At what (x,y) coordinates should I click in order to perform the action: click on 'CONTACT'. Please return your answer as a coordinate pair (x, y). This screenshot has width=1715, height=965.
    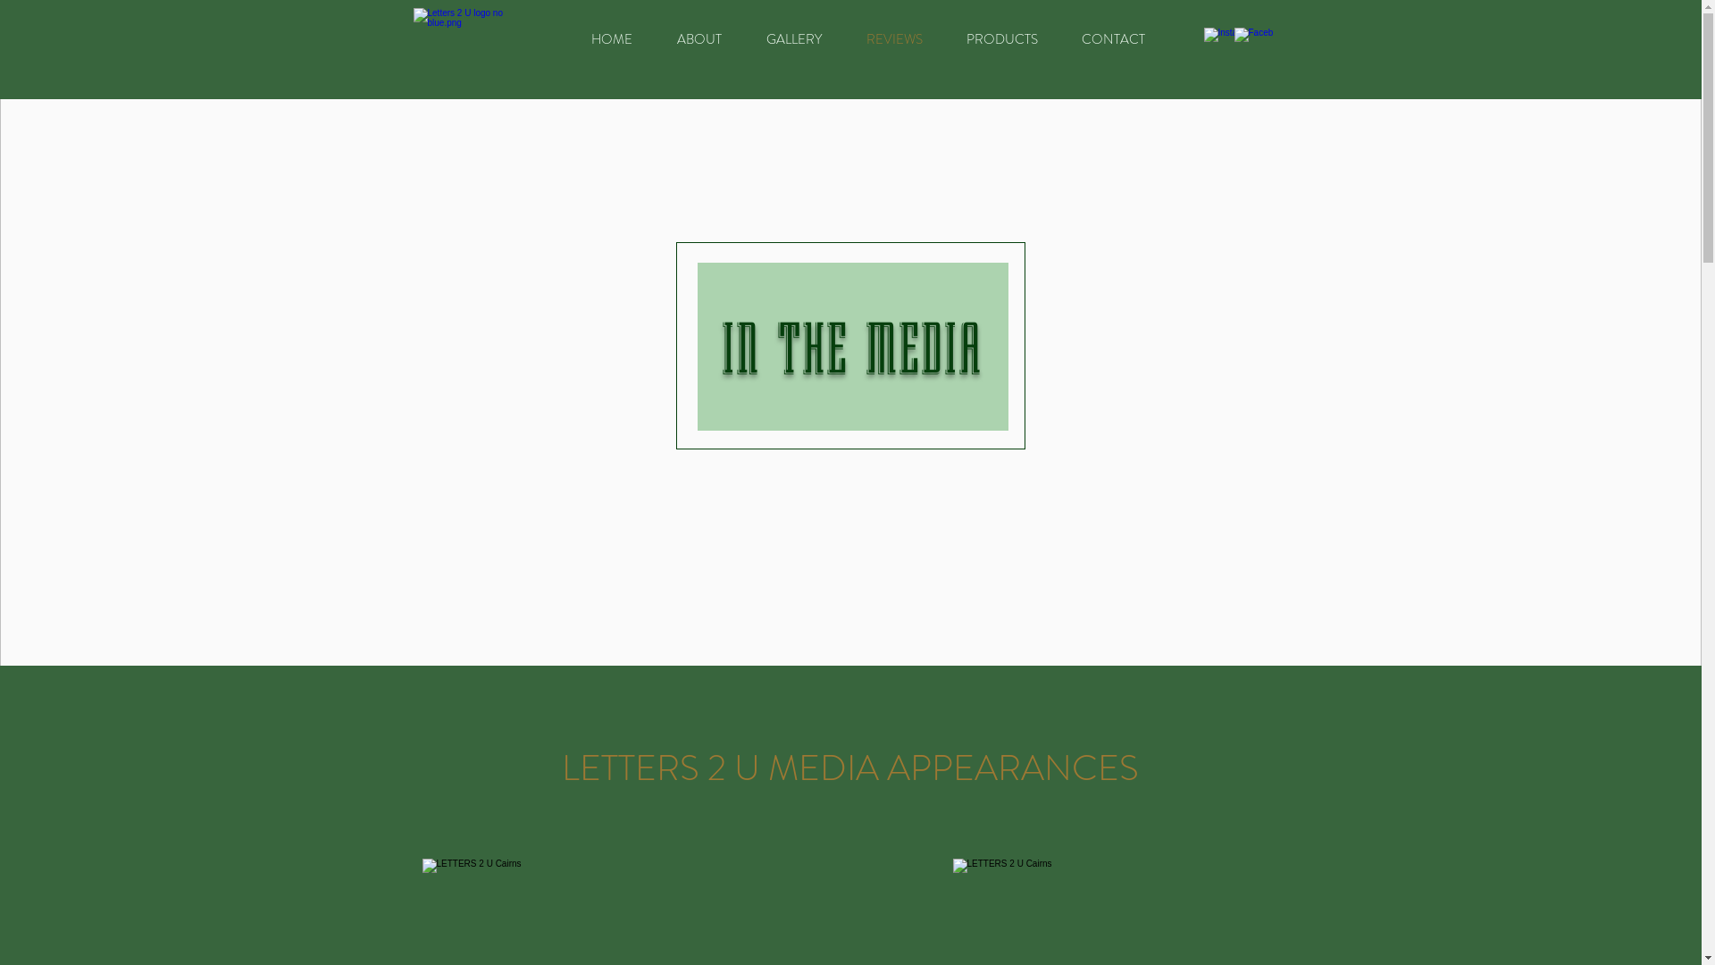
    Looking at the image, I should click on (1112, 39).